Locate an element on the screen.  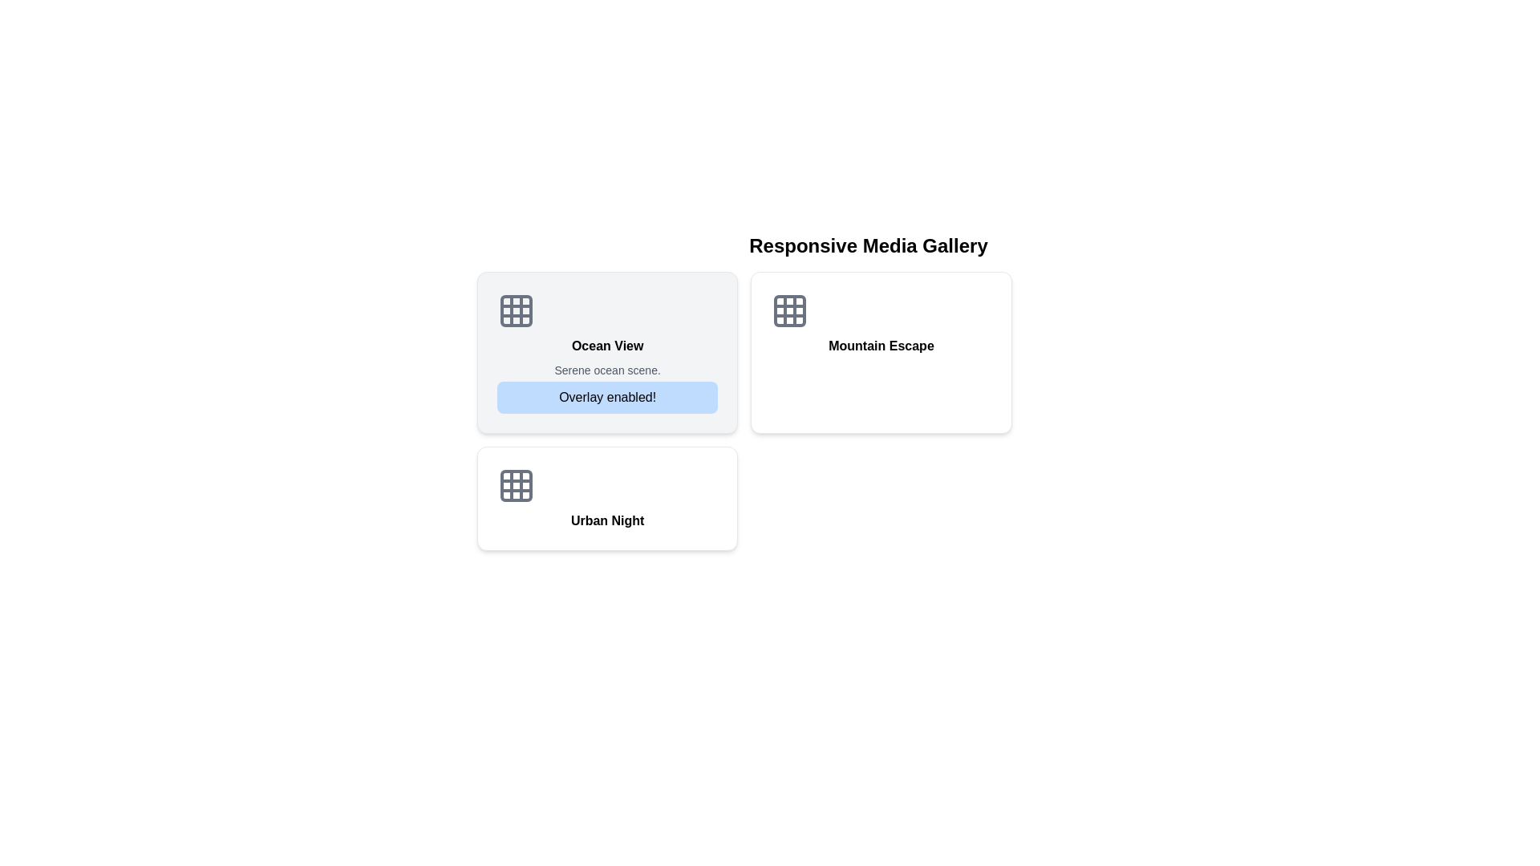
the grid layout icon located at the top-left corner of the 'Mountain Escape' card in the media gallery grid is located at coordinates (790, 311).